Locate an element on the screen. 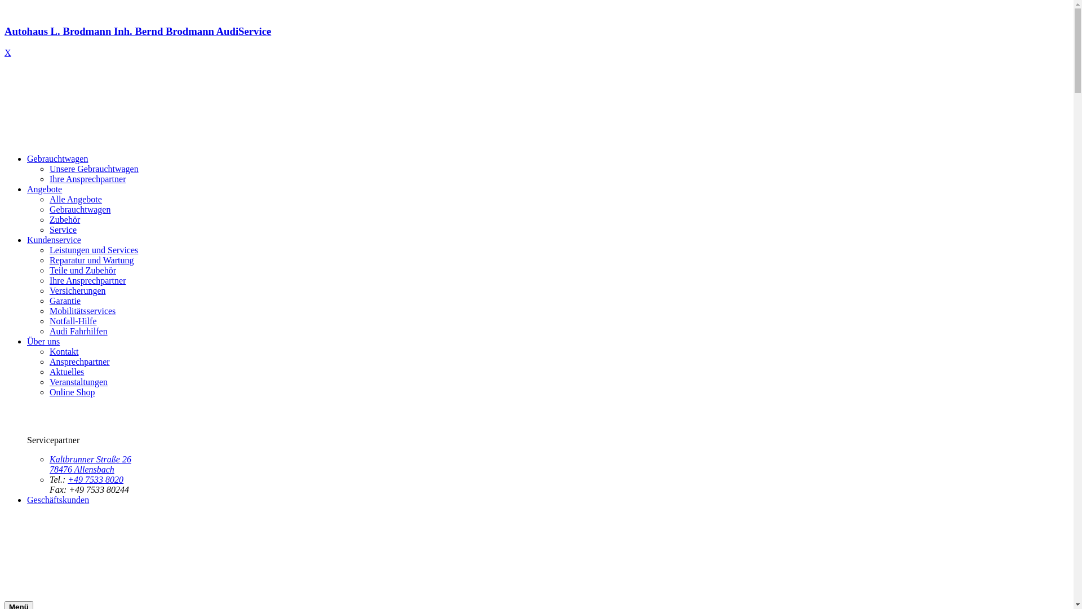  'Audi Fahrhilfen' is located at coordinates (48, 330).